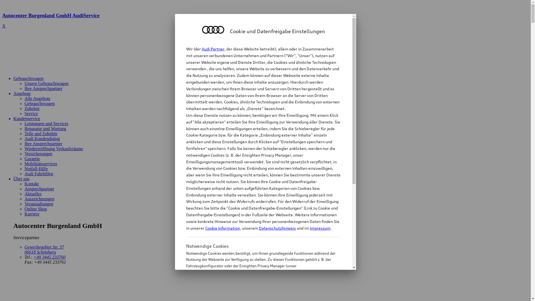 Image resolution: width=535 pixels, height=301 pixels. I want to click on 'Karriere', so click(31, 213).